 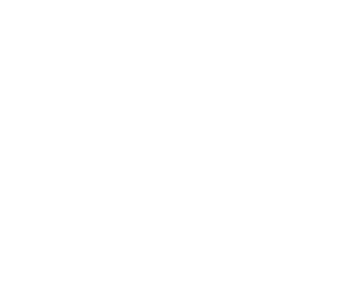 What do you see at coordinates (129, 82) in the screenshot?
I see `'Youth Ministry'` at bounding box center [129, 82].